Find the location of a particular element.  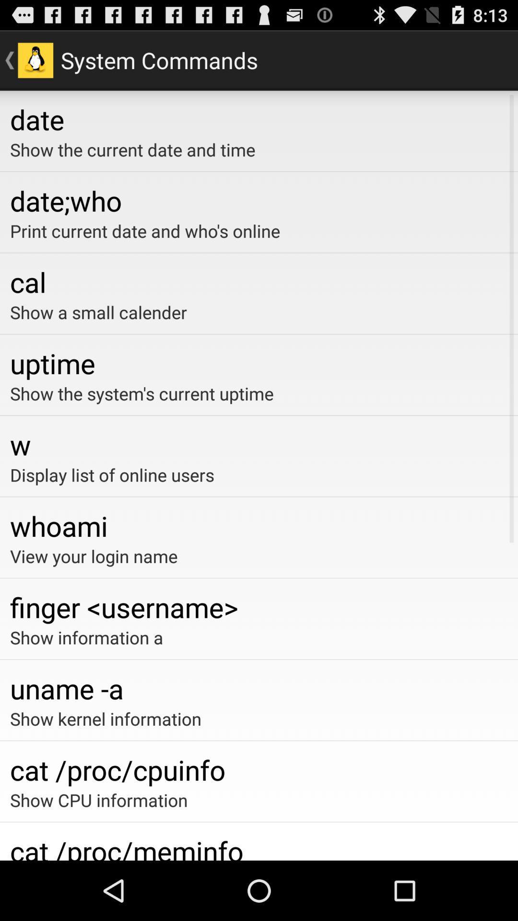

w item is located at coordinates (259, 444).